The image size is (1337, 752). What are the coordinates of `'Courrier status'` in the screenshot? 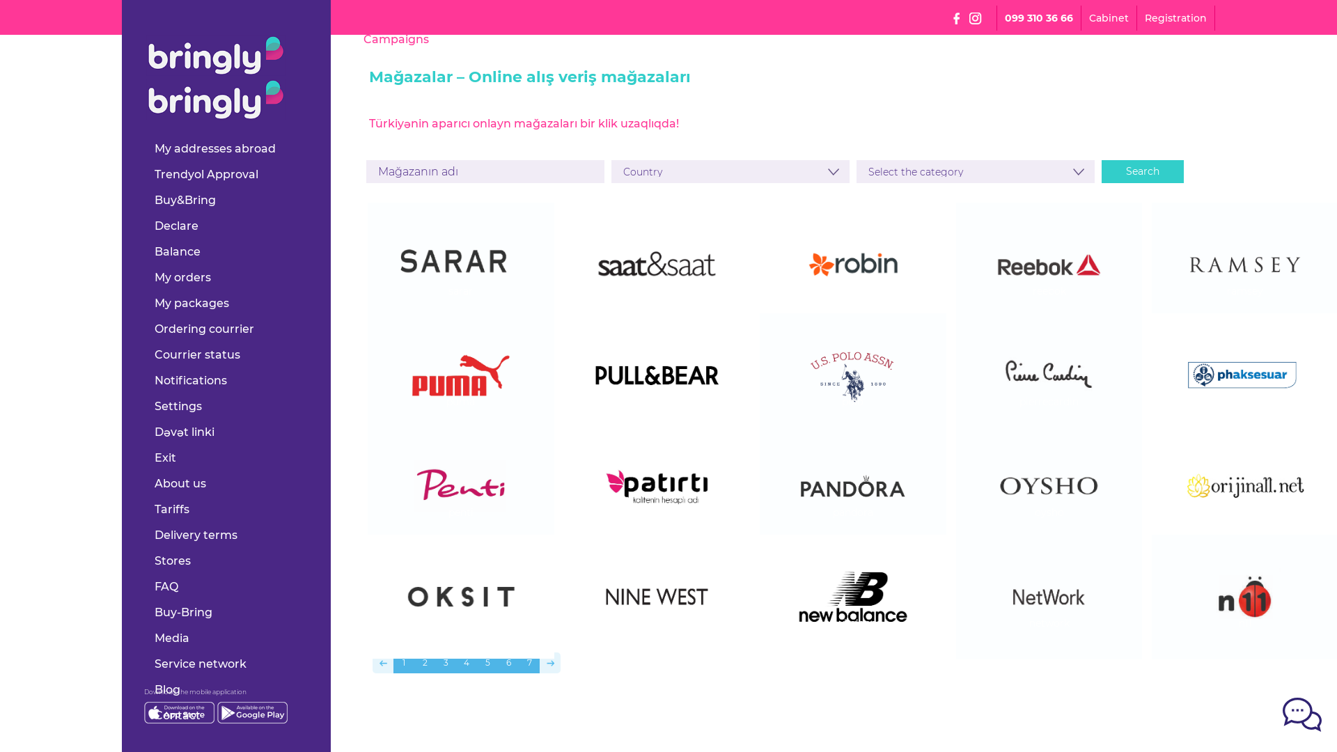 It's located at (196, 354).